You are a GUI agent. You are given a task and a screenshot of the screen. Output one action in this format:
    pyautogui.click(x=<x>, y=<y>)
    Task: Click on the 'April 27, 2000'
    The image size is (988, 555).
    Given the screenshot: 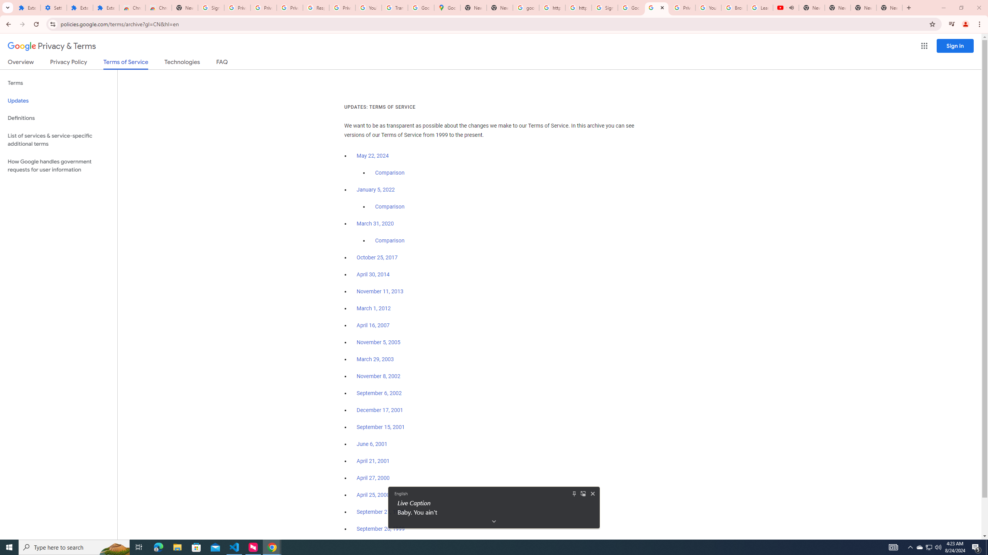 What is the action you would take?
    pyautogui.click(x=373, y=477)
    